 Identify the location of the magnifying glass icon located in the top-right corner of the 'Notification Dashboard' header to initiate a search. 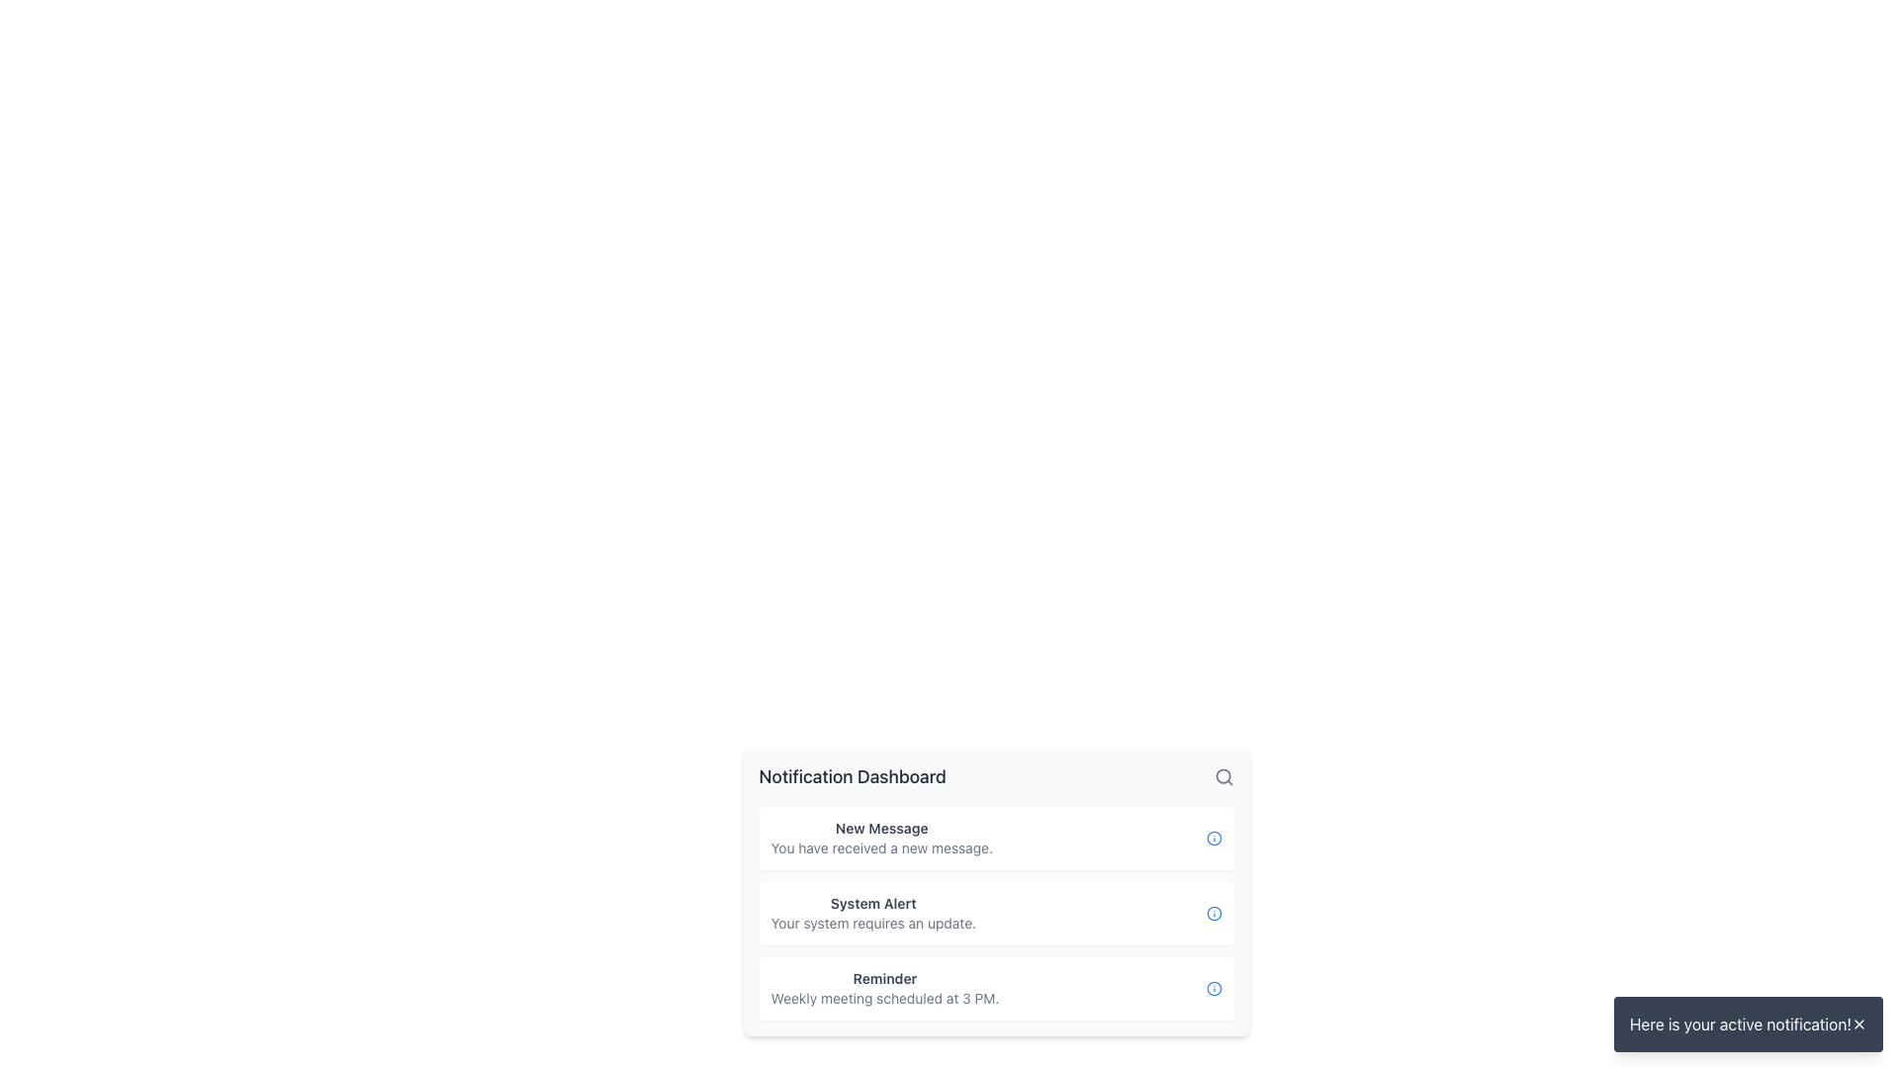
(1222, 776).